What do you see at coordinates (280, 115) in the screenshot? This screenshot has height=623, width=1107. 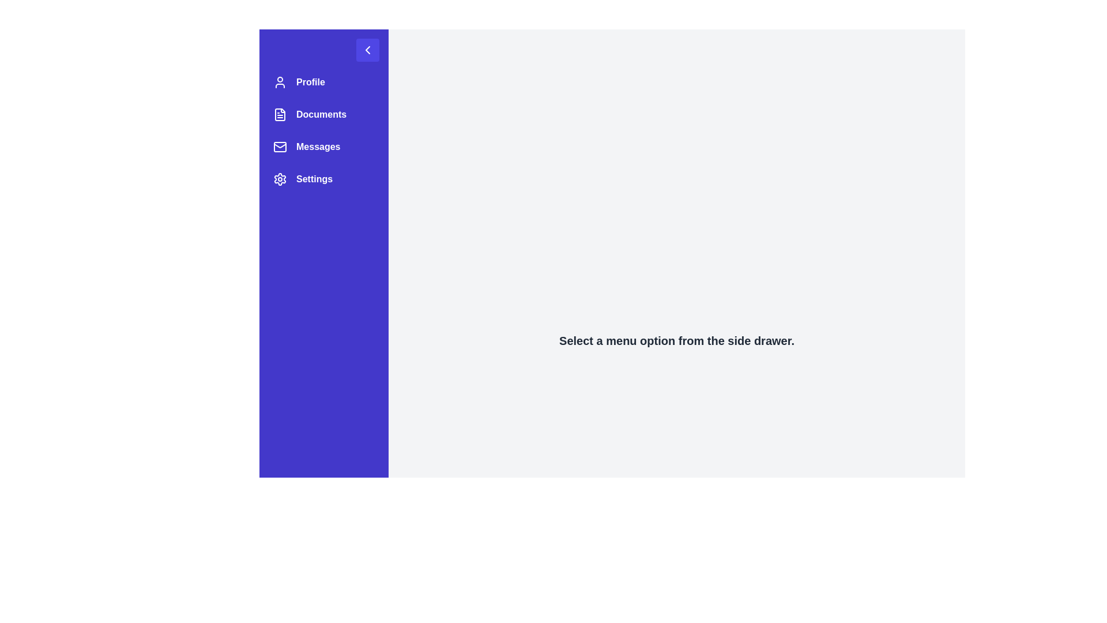 I see `the document icon located in the side navigation panel, which is styled with a thin border and displays textual lines` at bounding box center [280, 115].